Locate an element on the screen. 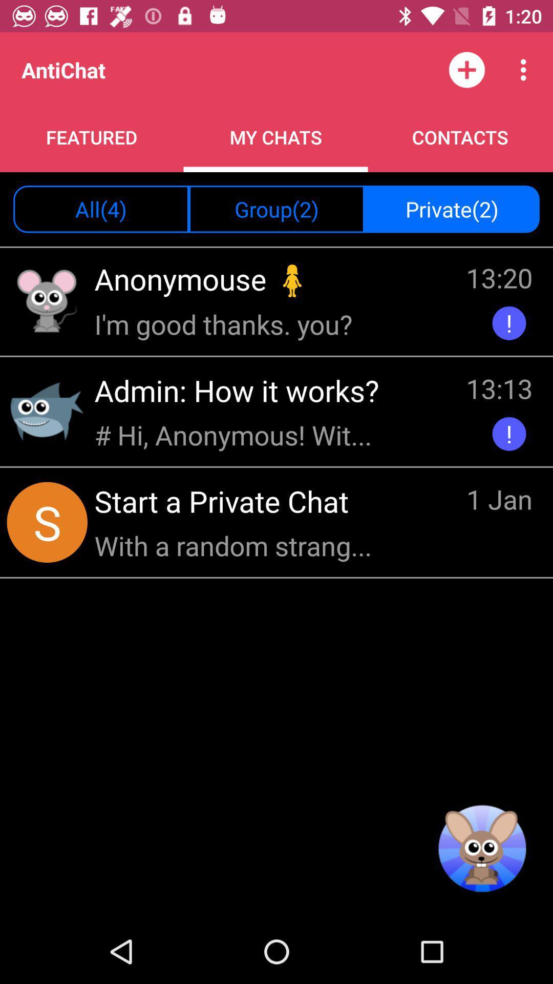 This screenshot has height=984, width=553. the icon to the right of with a random icon is located at coordinates (499, 501).